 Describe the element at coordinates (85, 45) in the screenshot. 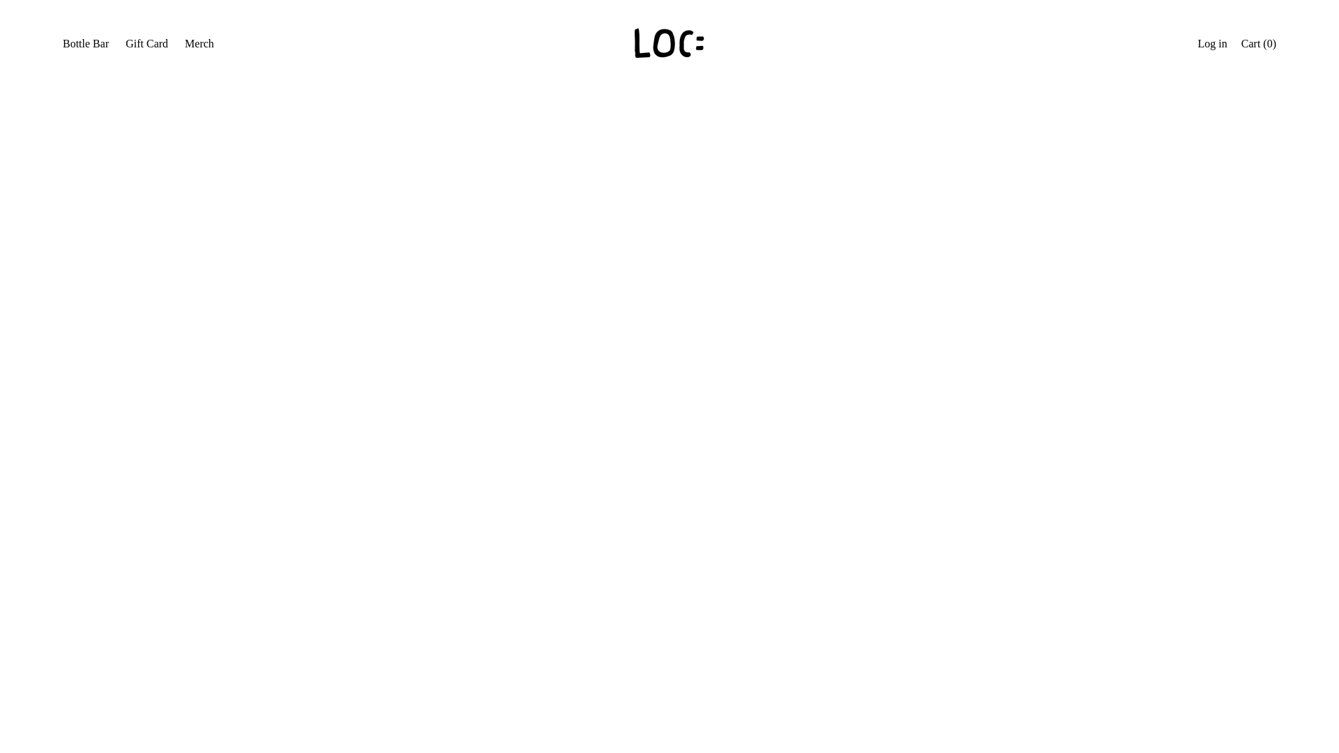

I see `'Bottle Bar'` at that location.